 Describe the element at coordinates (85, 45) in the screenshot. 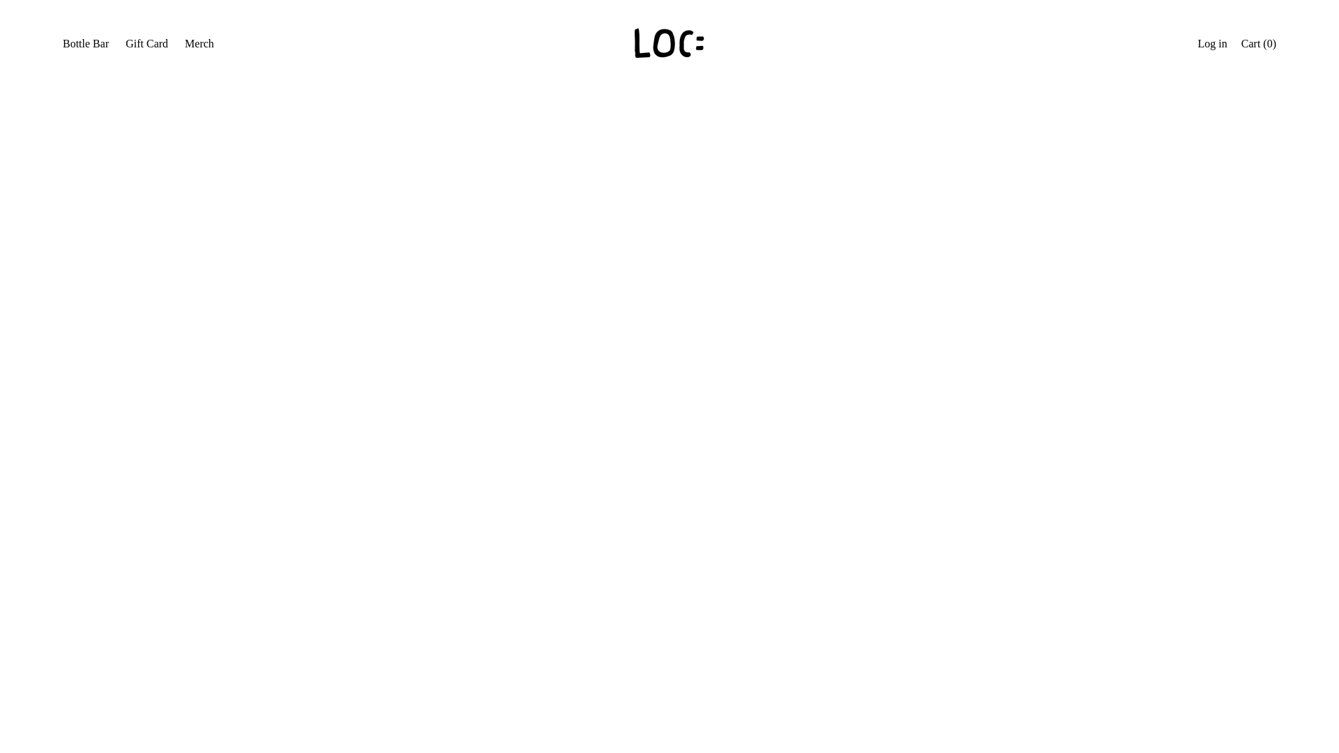

I see `'Bottle Bar'` at that location.